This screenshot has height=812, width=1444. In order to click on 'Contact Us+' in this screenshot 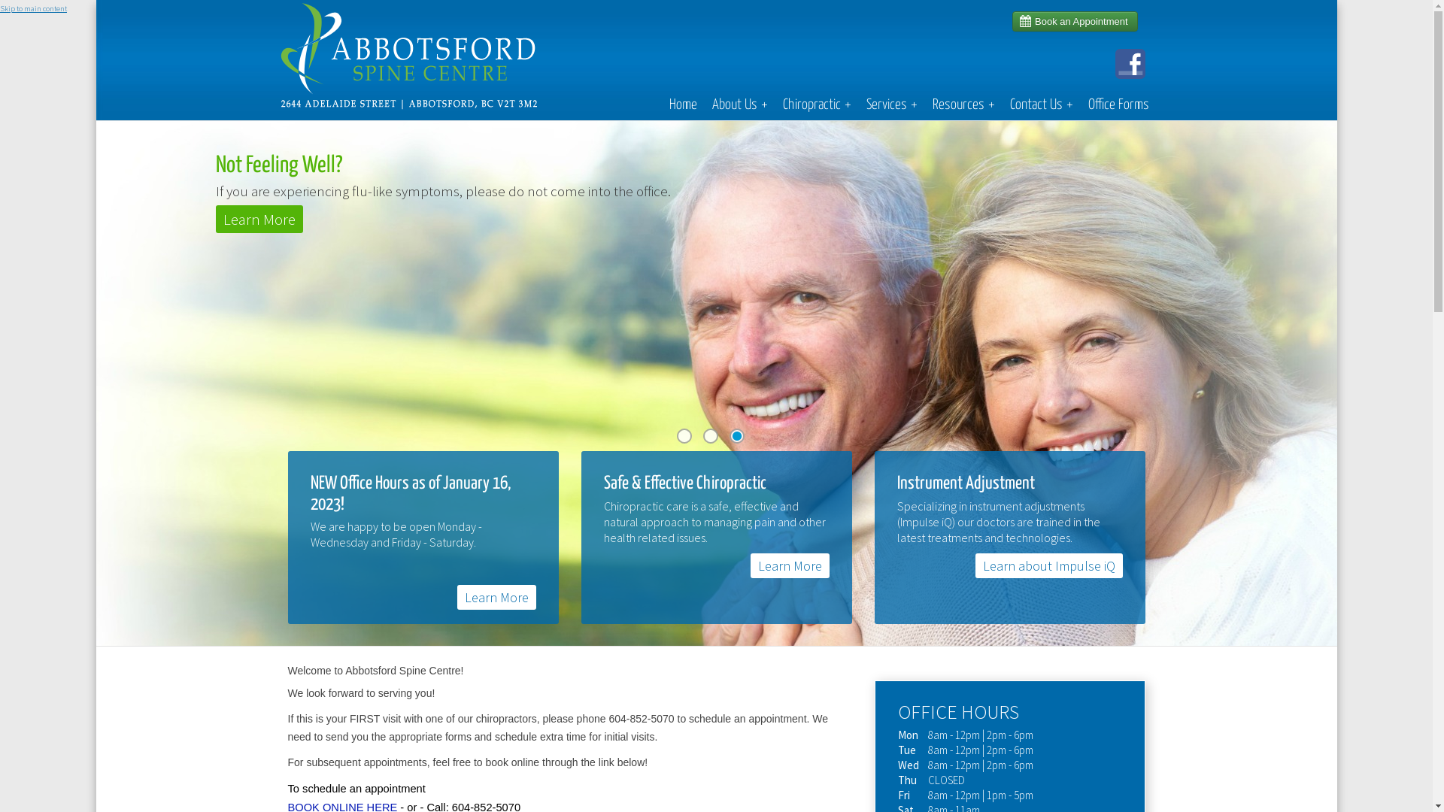, I will do `click(1039, 104)`.